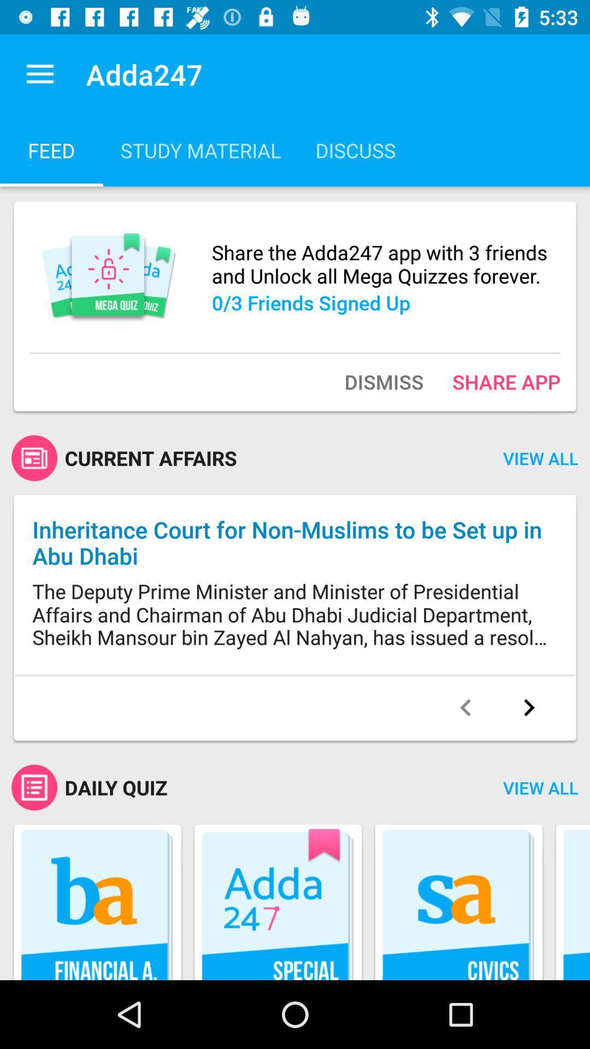  I want to click on go back, so click(465, 708).